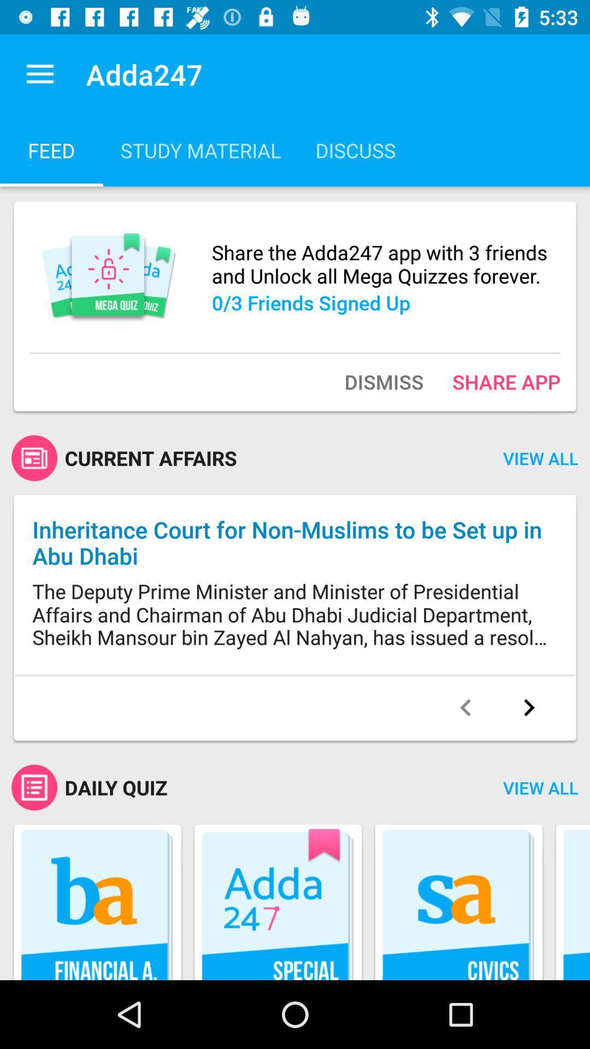  I want to click on go back, so click(465, 708).